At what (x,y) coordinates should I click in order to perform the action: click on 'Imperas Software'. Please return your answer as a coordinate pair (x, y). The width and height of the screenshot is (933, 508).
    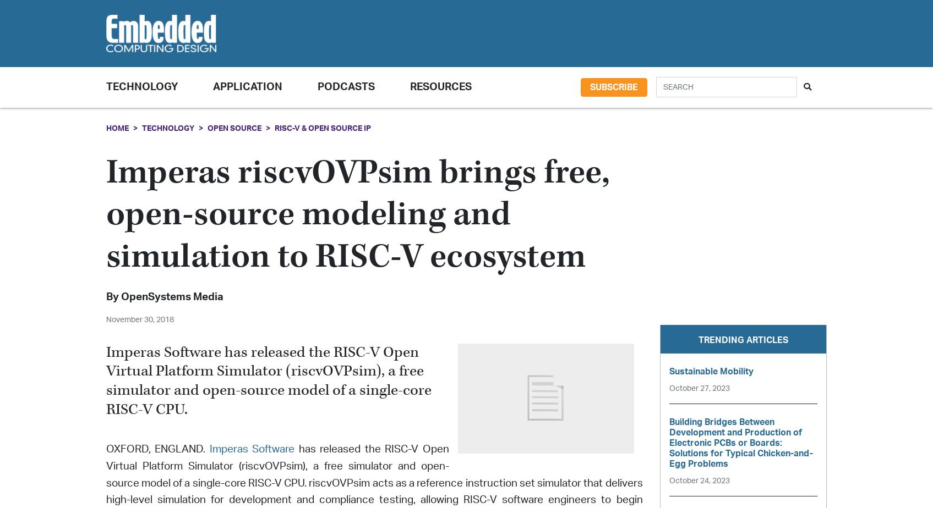
    Looking at the image, I should click on (251, 449).